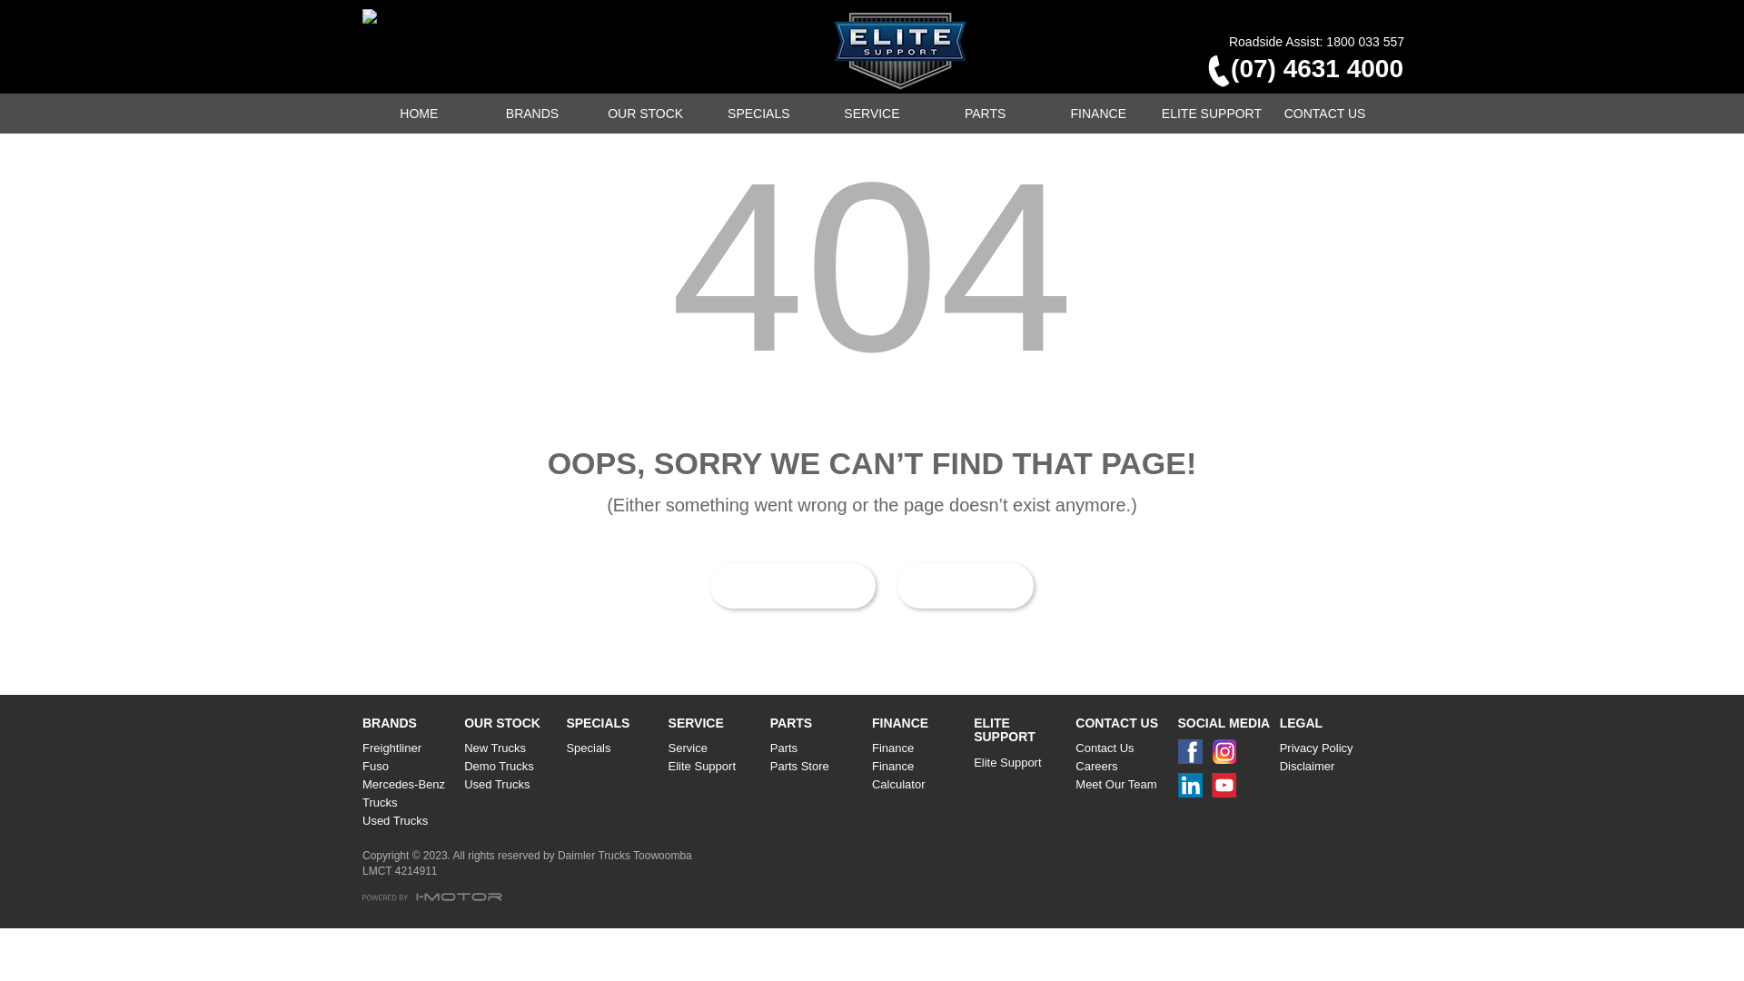 The height and width of the screenshot is (981, 1744). Describe the element at coordinates (1279, 748) in the screenshot. I see `'Privacy Policy'` at that location.